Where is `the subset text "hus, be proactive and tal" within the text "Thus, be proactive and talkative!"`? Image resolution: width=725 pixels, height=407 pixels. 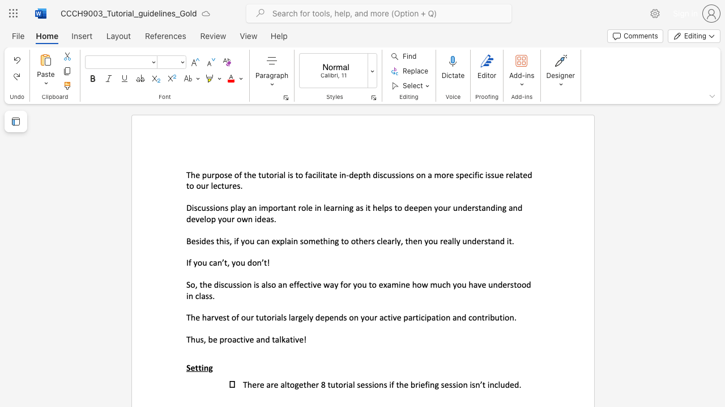
the subset text "hus, be proactive and tal" within the text "Thus, be proactive and talkative!" is located at coordinates (190, 339).